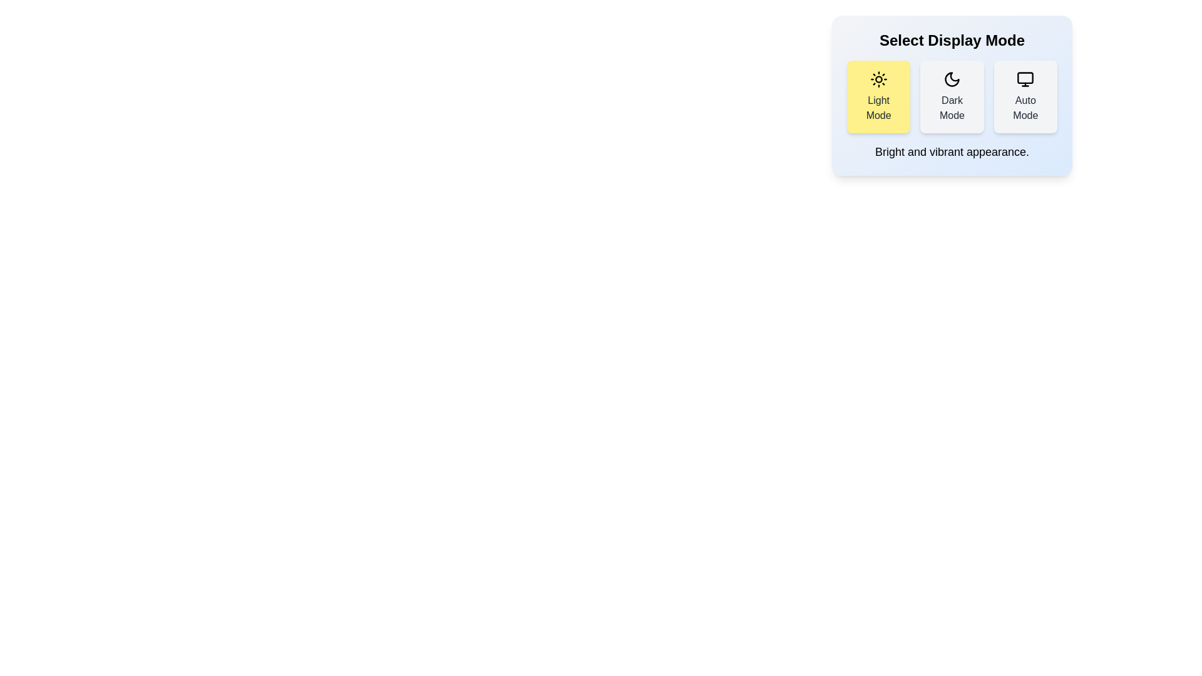  Describe the element at coordinates (878, 96) in the screenshot. I see `the Light Mode button to view its hover effect` at that location.